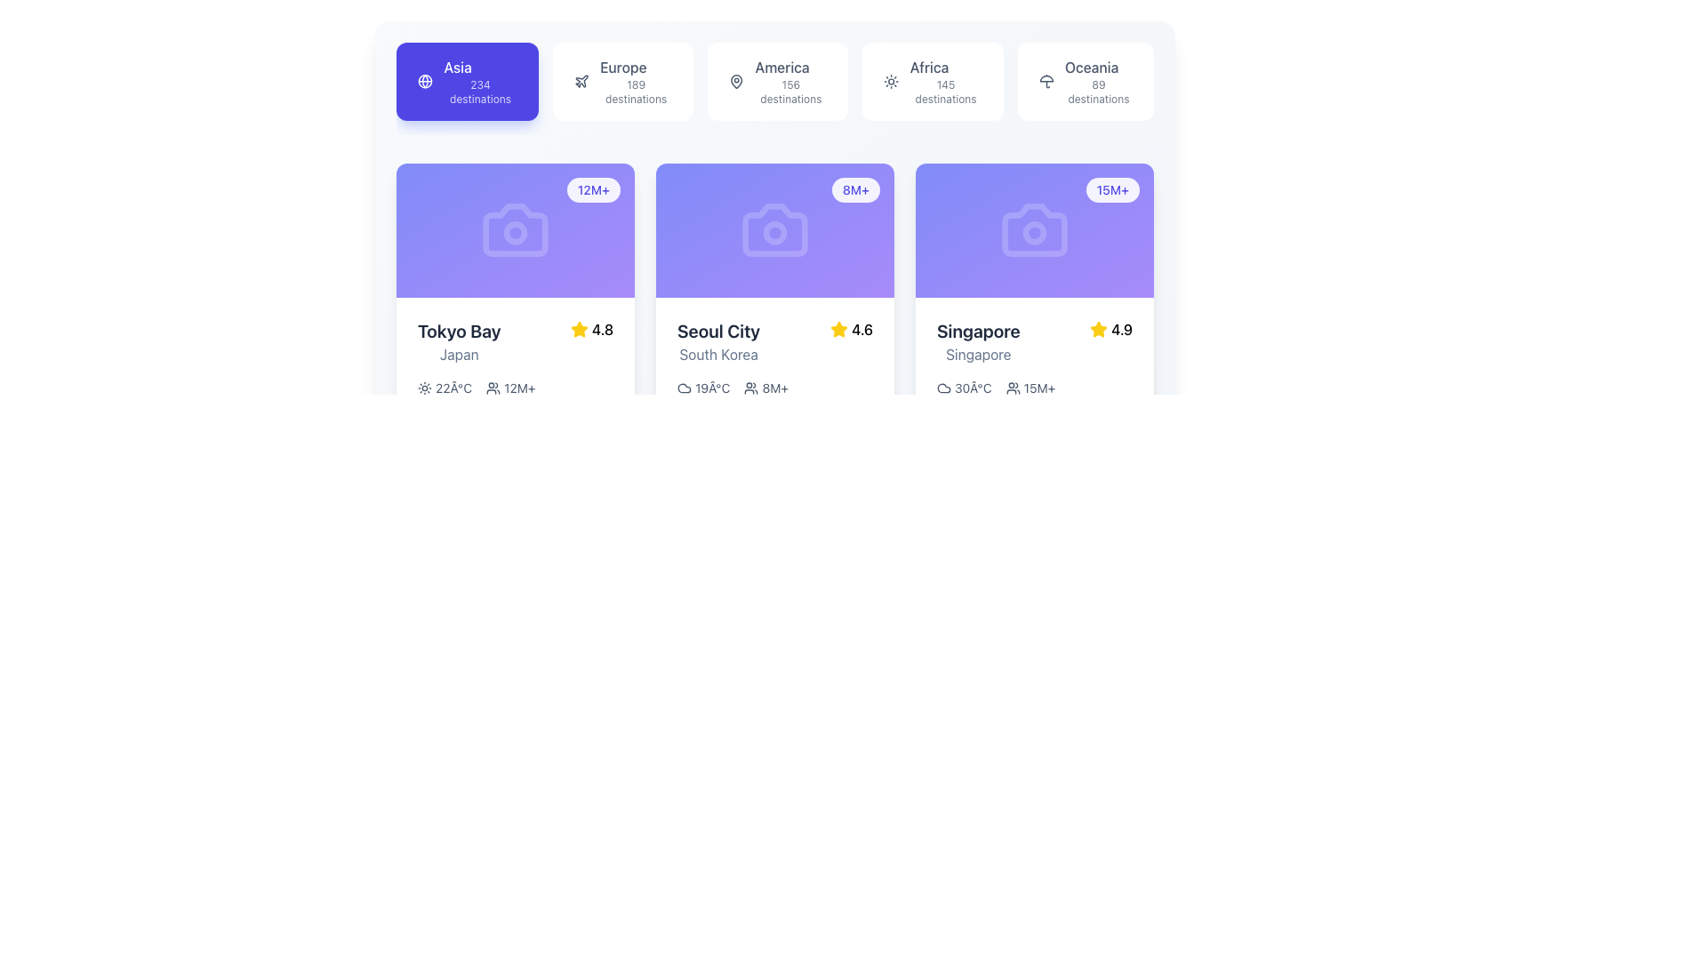 The width and height of the screenshot is (1707, 960). What do you see at coordinates (493, 387) in the screenshot?
I see `the small gray icon representing a group of people, located to the left of the text '12M+' in the bottom section of the 'Tokyo Bay' information card` at bounding box center [493, 387].